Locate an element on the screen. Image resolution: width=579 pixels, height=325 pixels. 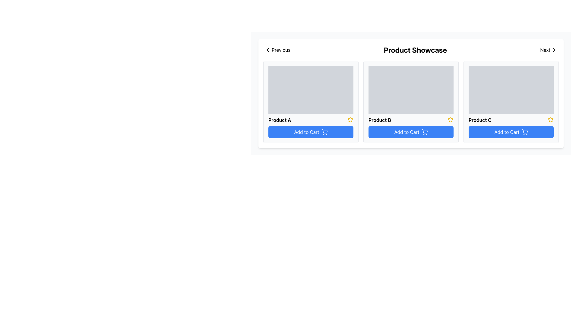
the 'Add to Cart' icon located inside the 'Add to Cart' button for 'Product B' is located at coordinates (424, 132).